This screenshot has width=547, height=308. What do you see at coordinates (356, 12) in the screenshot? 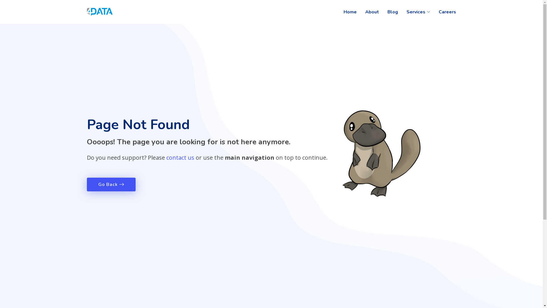
I see `'About'` at bounding box center [356, 12].